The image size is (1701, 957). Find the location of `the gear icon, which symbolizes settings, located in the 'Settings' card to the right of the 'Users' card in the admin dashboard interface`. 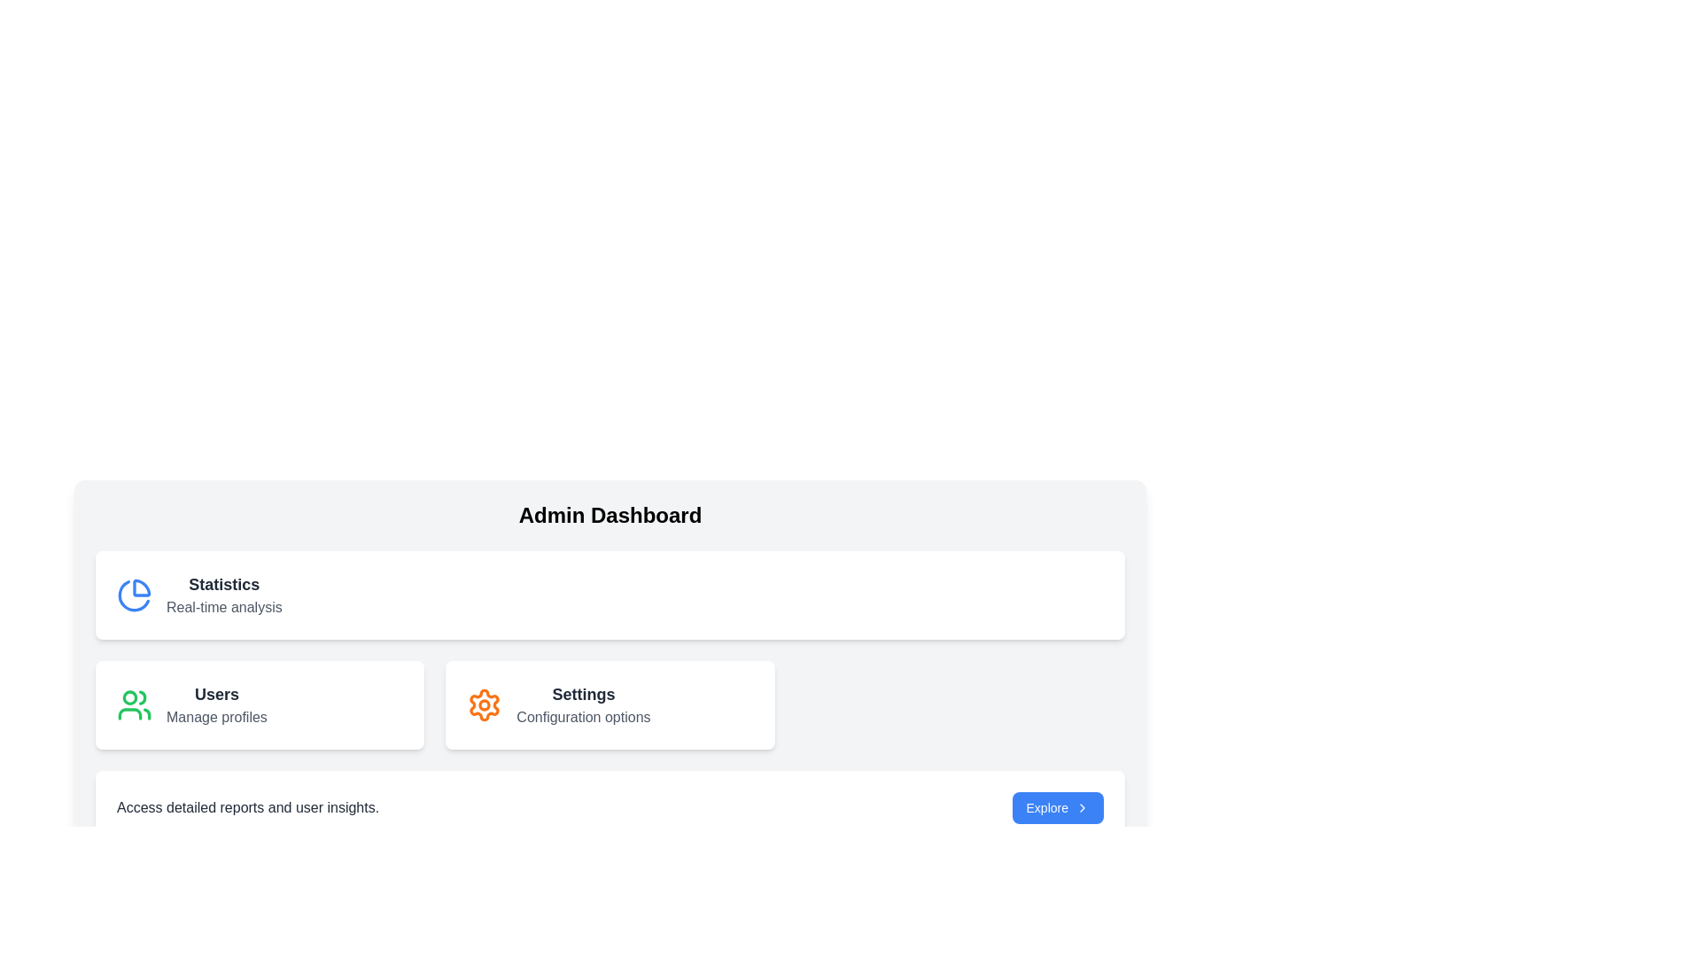

the gear icon, which symbolizes settings, located in the 'Settings' card to the right of the 'Users' card in the admin dashboard interface is located at coordinates (485, 704).